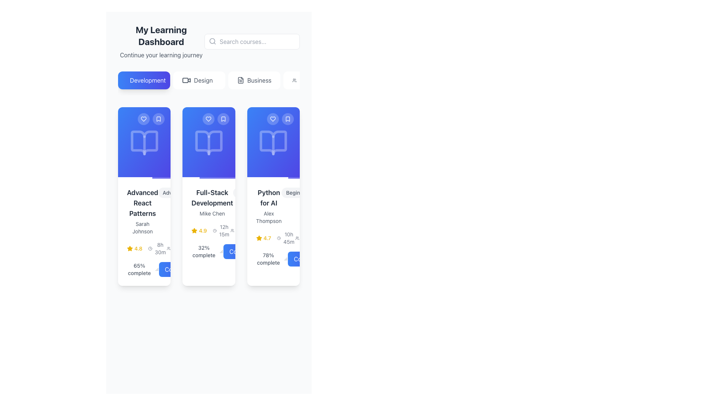  What do you see at coordinates (294, 80) in the screenshot?
I see `the icon resembling multiple user figures located within the 'Marketing' menu, positioned to the left of the 'Marketing' label` at bounding box center [294, 80].